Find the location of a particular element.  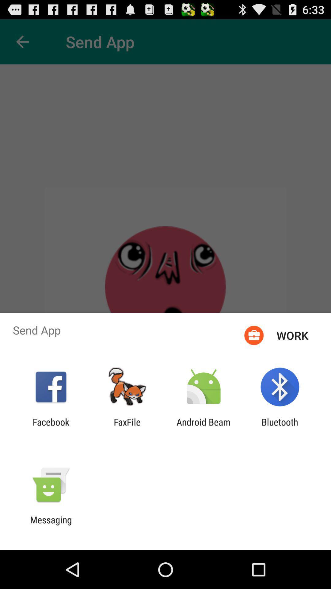

the app to the left of the android beam item is located at coordinates (127, 427).